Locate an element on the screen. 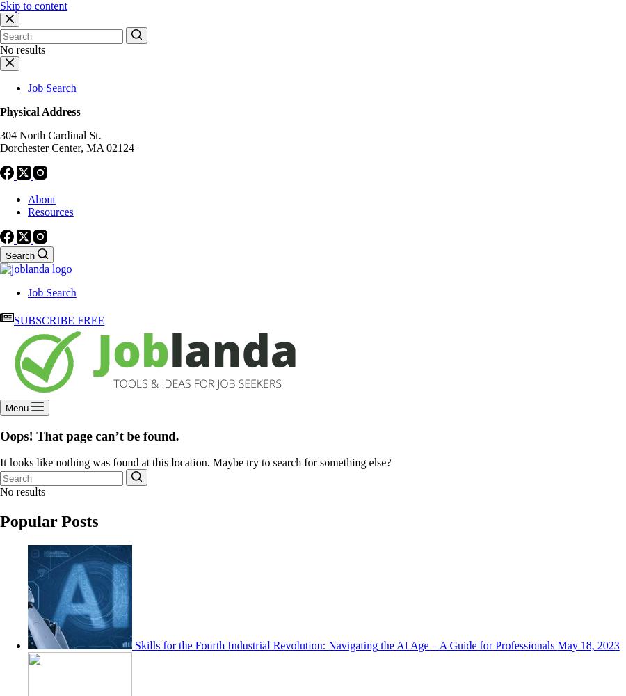 The width and height of the screenshot is (626, 696). 'About' is located at coordinates (41, 199).